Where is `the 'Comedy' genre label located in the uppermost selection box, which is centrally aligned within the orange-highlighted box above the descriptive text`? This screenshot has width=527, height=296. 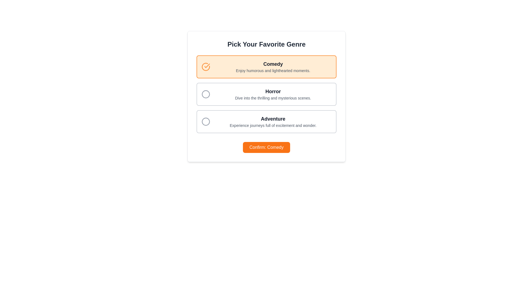
the 'Comedy' genre label located in the uppermost selection box, which is centrally aligned within the orange-highlighted box above the descriptive text is located at coordinates (273, 64).